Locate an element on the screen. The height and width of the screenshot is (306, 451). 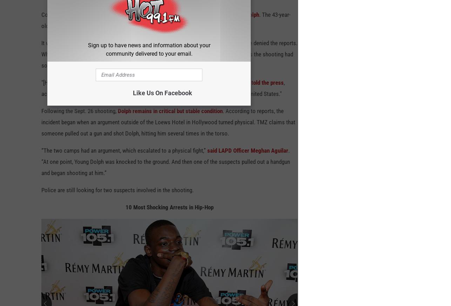
'Share This Photo:' is located at coordinates (244, 227).